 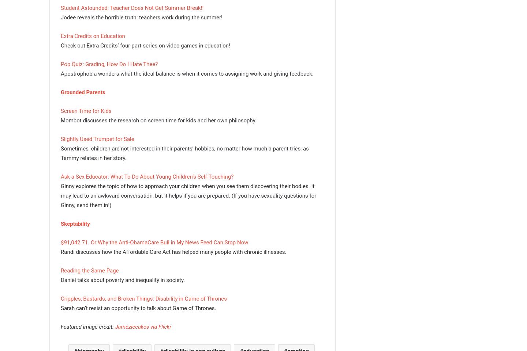 What do you see at coordinates (143, 298) in the screenshot?
I see `'Cripples, Bastards, and Broken Things: Disability in Game of Thrones'` at bounding box center [143, 298].